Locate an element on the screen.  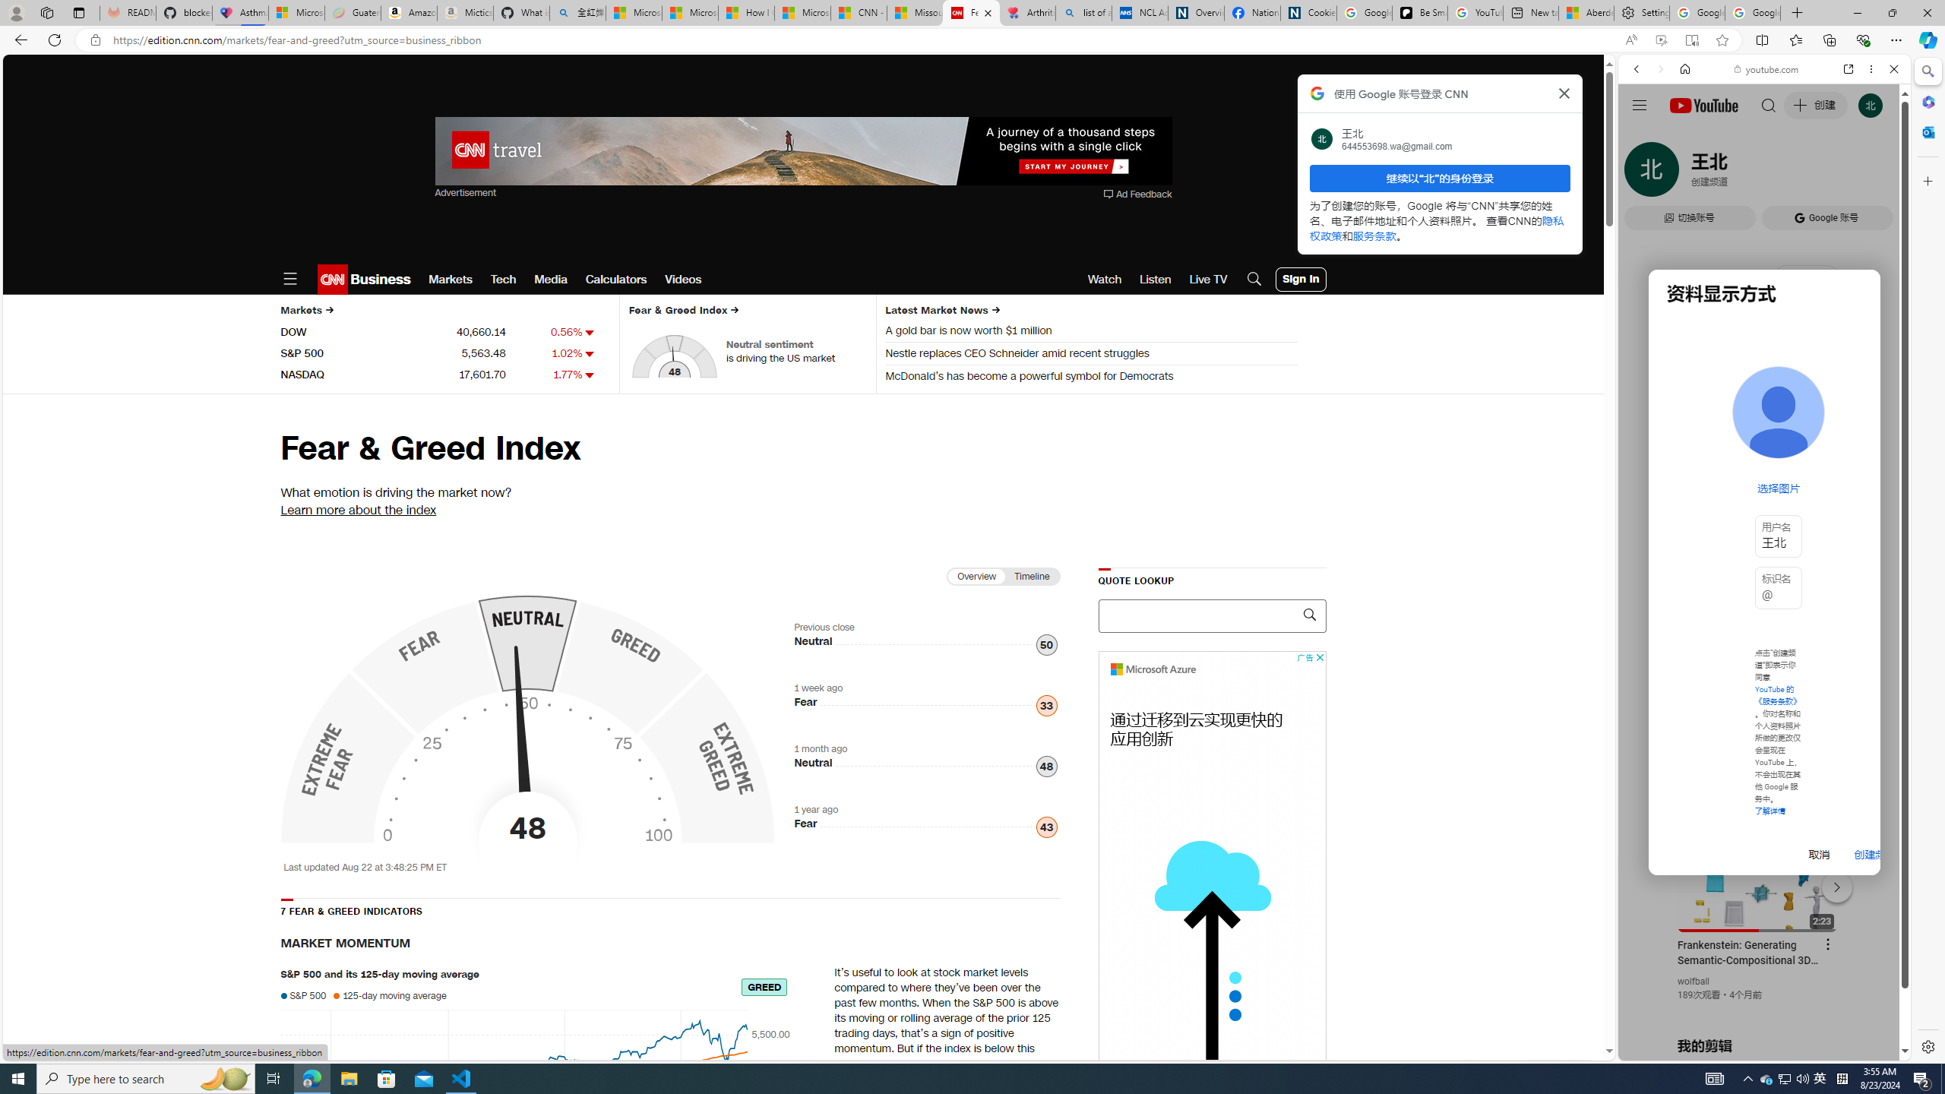
'Class: icon-ui-search' is located at coordinates (1308, 614).